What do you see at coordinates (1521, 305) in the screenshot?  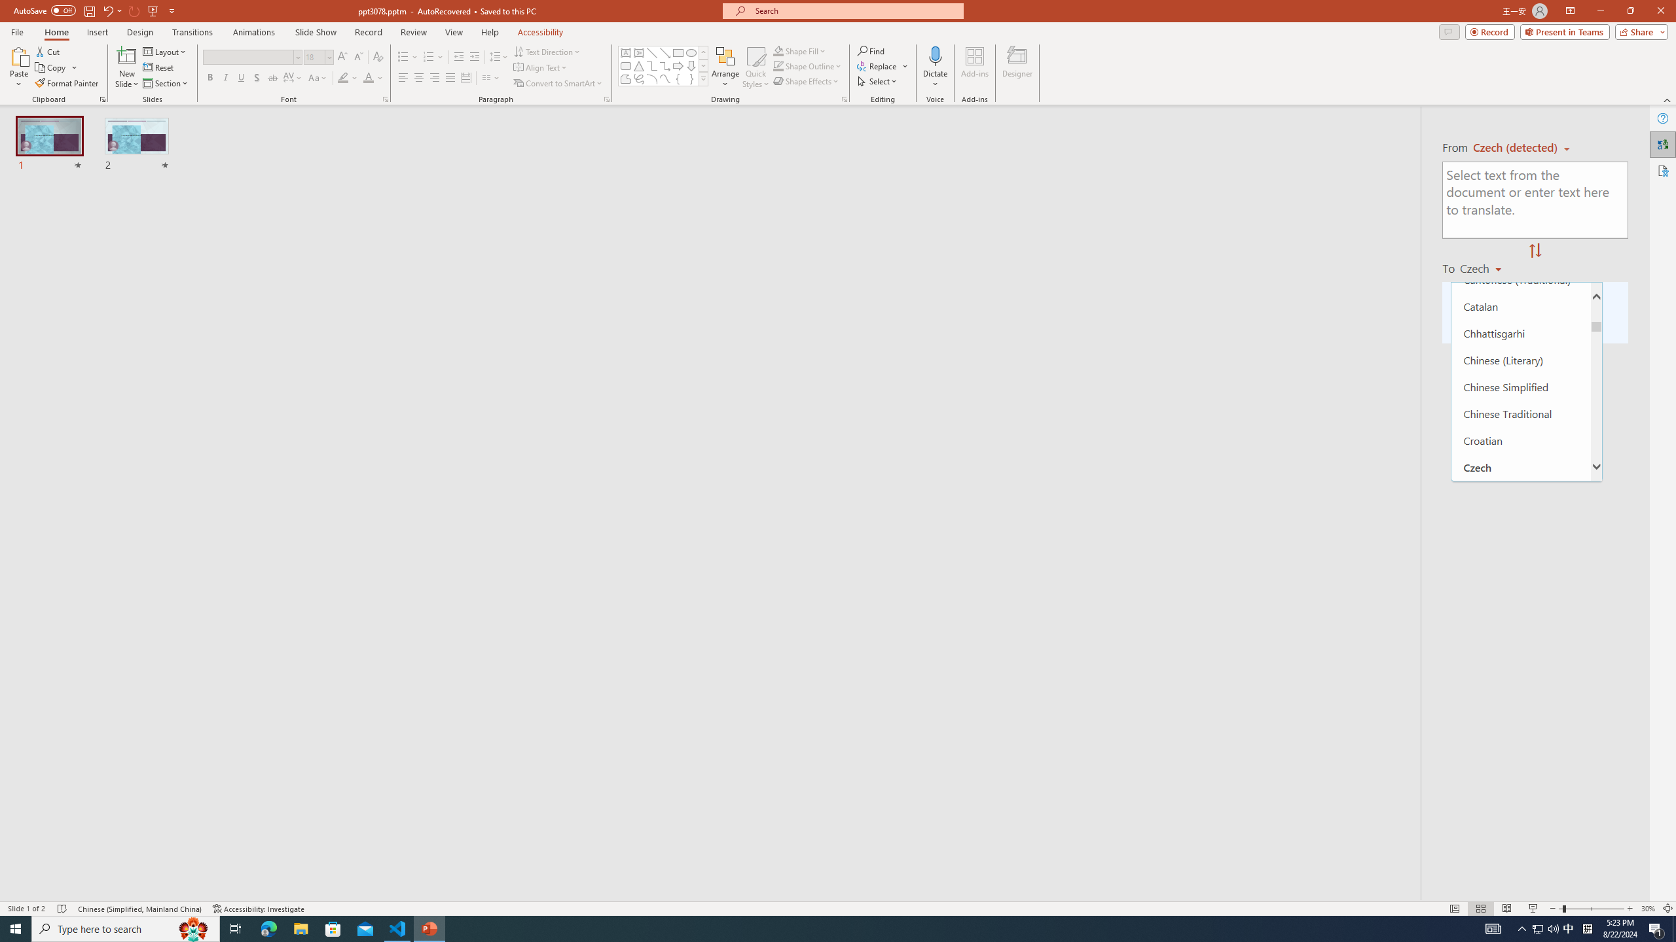 I see `'Catalan'` at bounding box center [1521, 305].